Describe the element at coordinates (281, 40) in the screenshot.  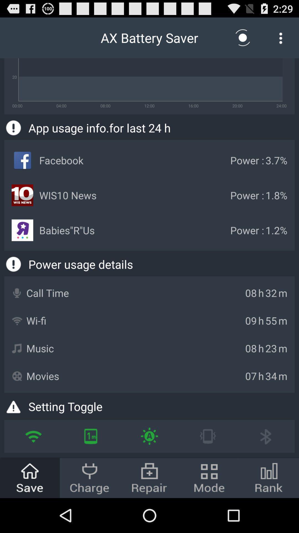
I see `the more icon` at that location.